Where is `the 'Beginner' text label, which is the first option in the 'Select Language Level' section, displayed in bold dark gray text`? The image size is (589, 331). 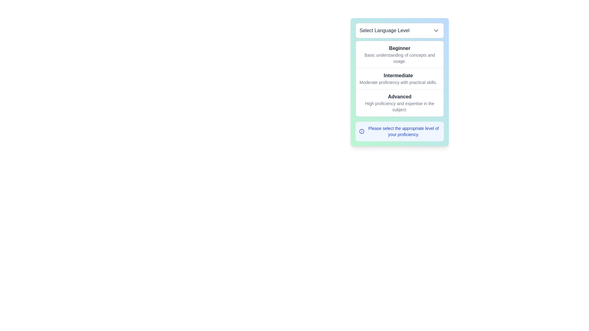 the 'Beginner' text label, which is the first option in the 'Select Language Level' section, displayed in bold dark gray text is located at coordinates (399, 48).